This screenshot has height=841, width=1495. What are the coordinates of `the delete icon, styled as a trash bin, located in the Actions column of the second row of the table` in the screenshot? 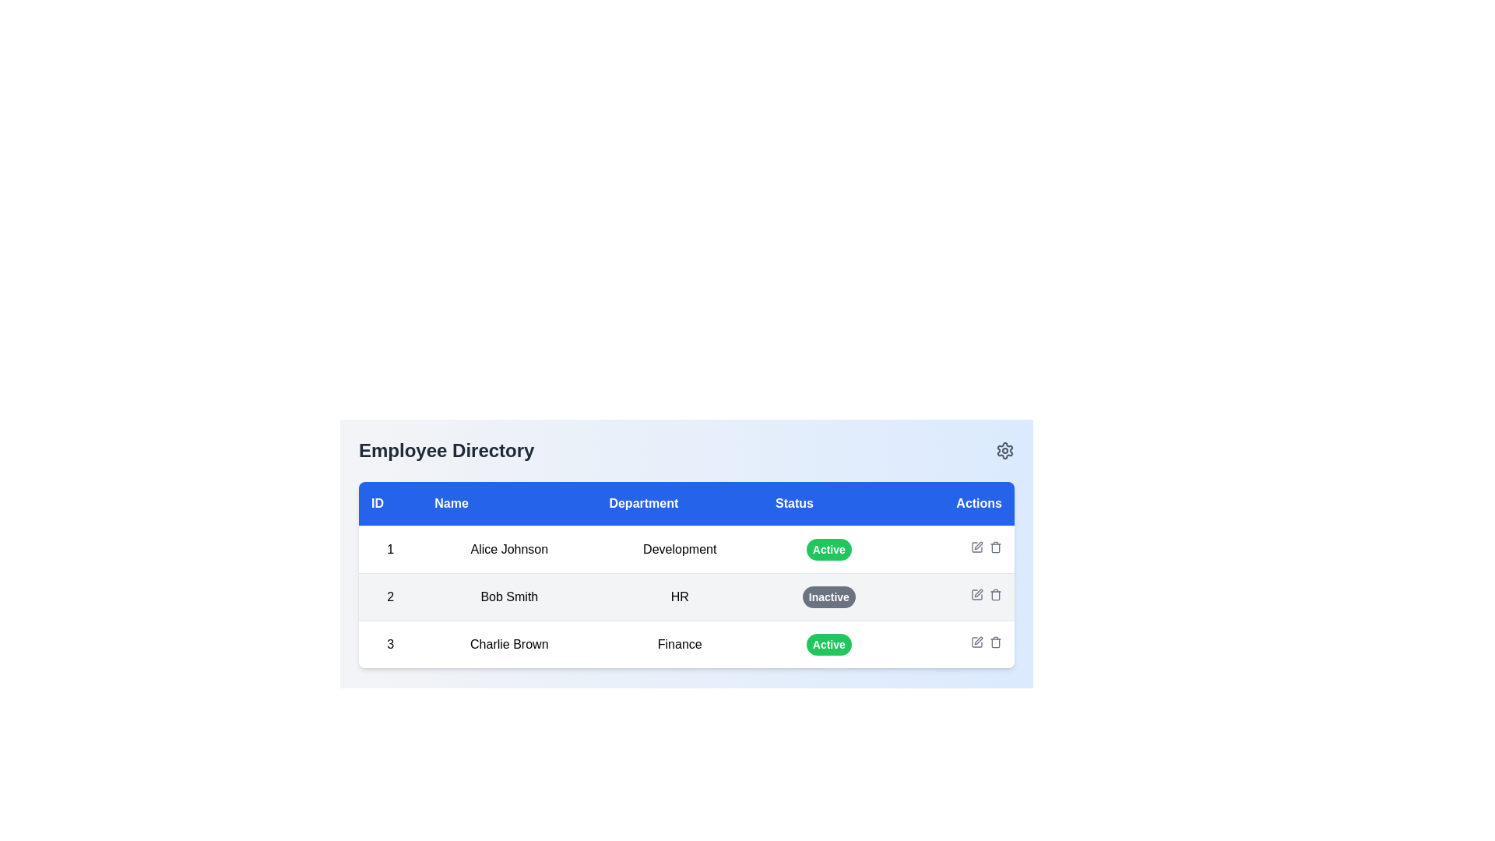 It's located at (994, 546).